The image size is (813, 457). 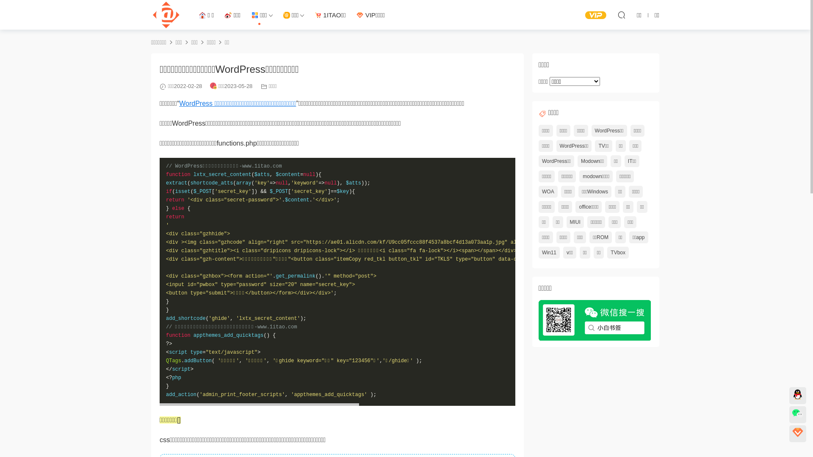 I want to click on 'MIUI', so click(x=575, y=221).